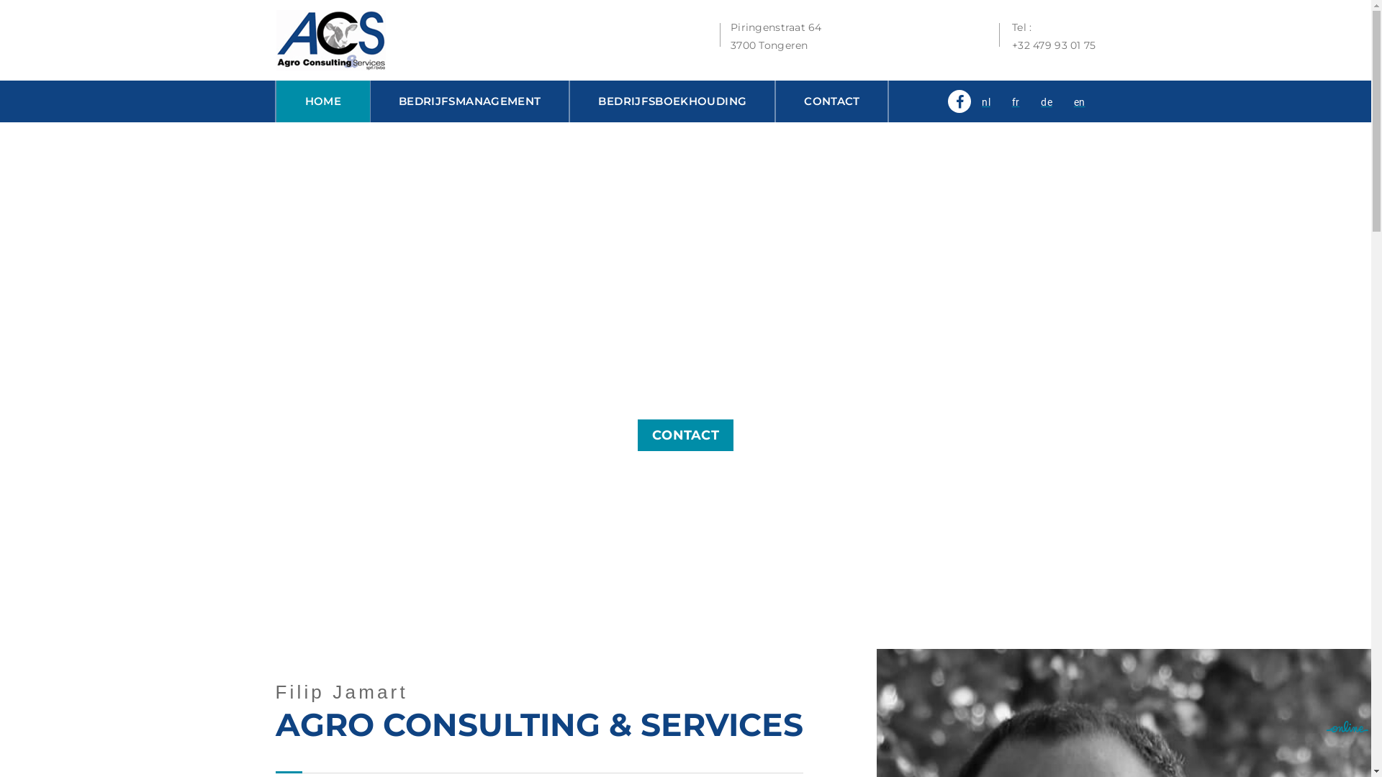 Image resolution: width=1382 pixels, height=777 pixels. Describe the element at coordinates (985, 101) in the screenshot. I see `'nl'` at that location.